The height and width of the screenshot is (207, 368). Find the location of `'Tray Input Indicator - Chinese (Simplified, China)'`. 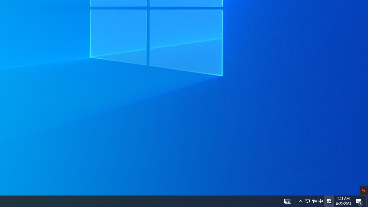

'Tray Input Indicator - Chinese (Simplified, China)' is located at coordinates (314, 201).